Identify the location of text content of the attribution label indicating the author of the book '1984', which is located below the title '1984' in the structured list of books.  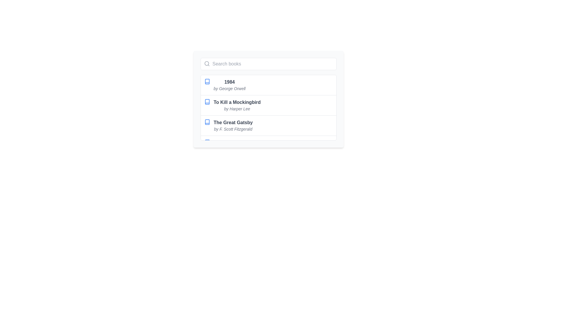
(229, 88).